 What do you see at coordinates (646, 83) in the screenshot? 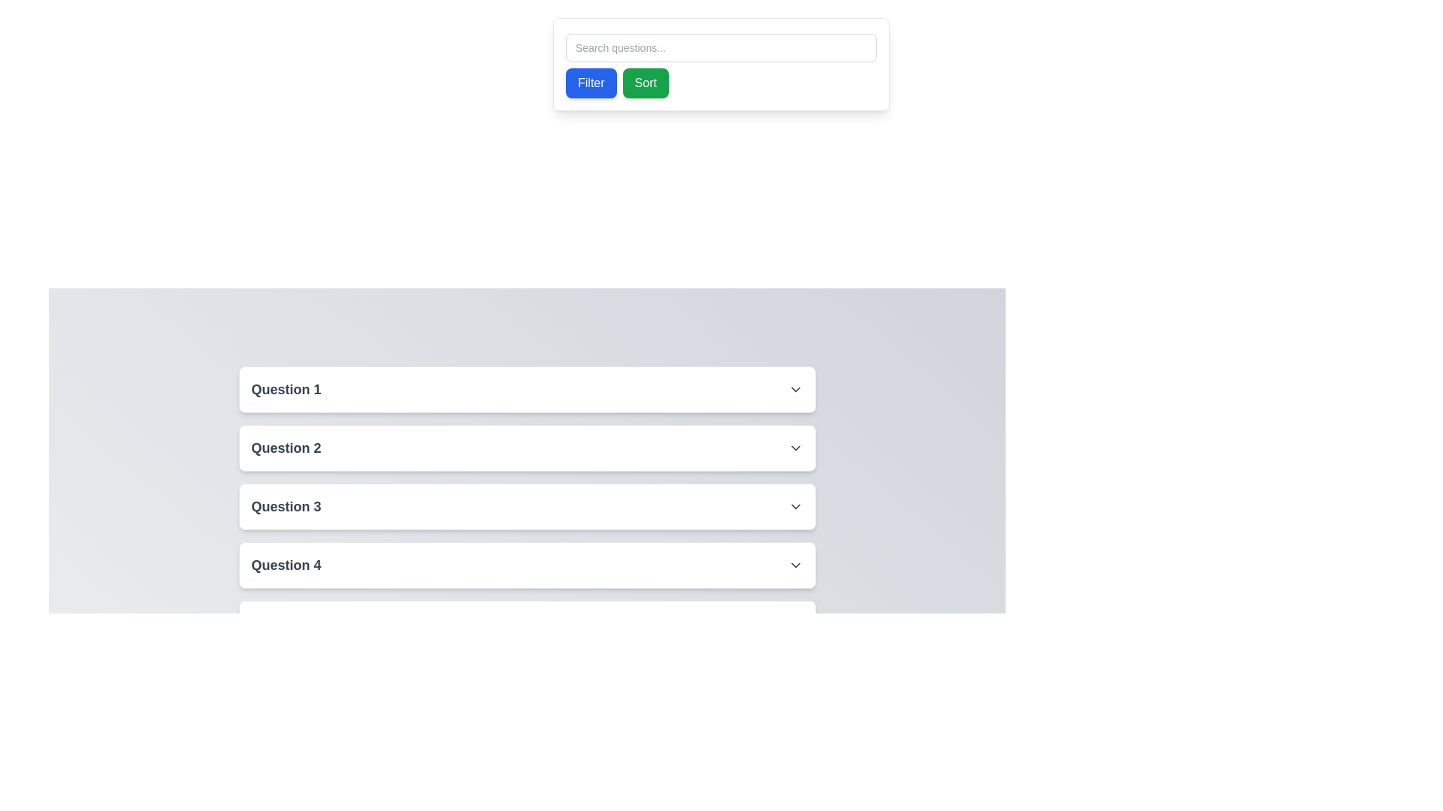
I see `the second button in the horizontal pair located immediately to the right of the blue 'Filter' button` at bounding box center [646, 83].